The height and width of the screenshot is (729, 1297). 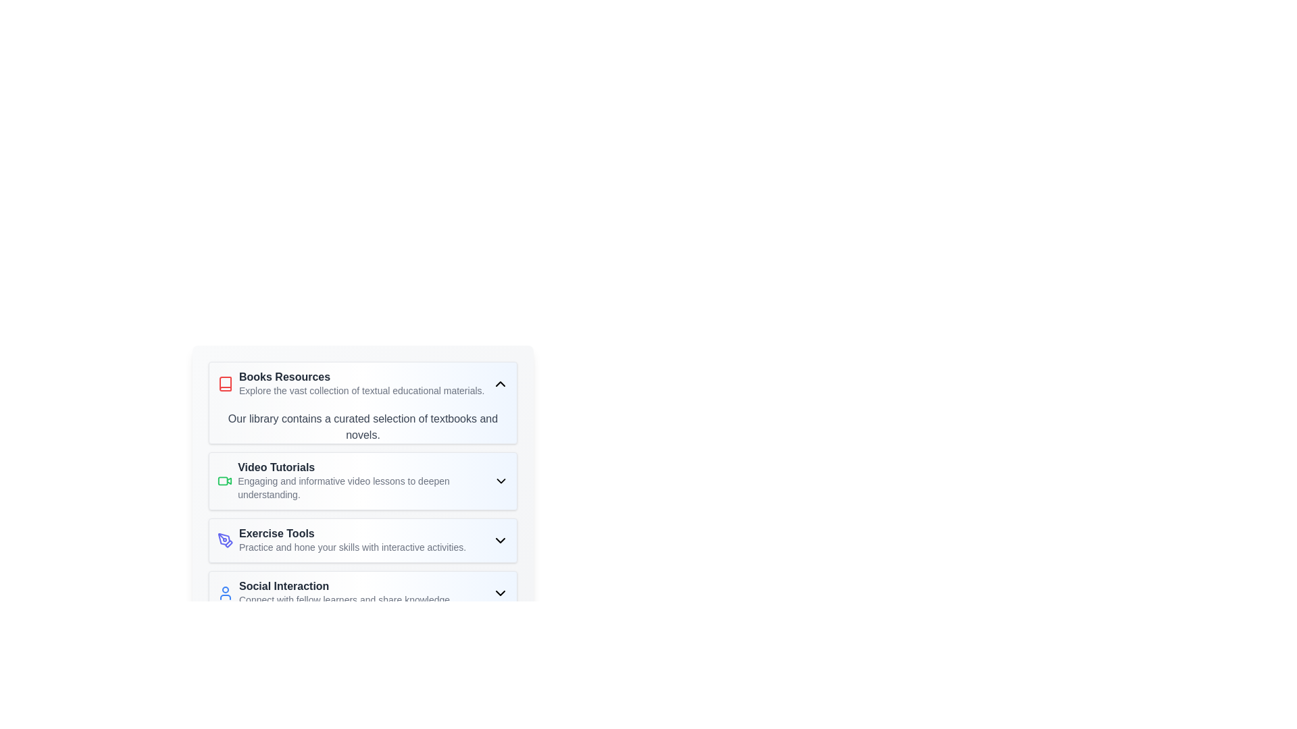 I want to click on the icon that symbolizes books or educational materials, which is the leftmost element in a row aligned with the heading 'Books Resources.', so click(x=226, y=384).